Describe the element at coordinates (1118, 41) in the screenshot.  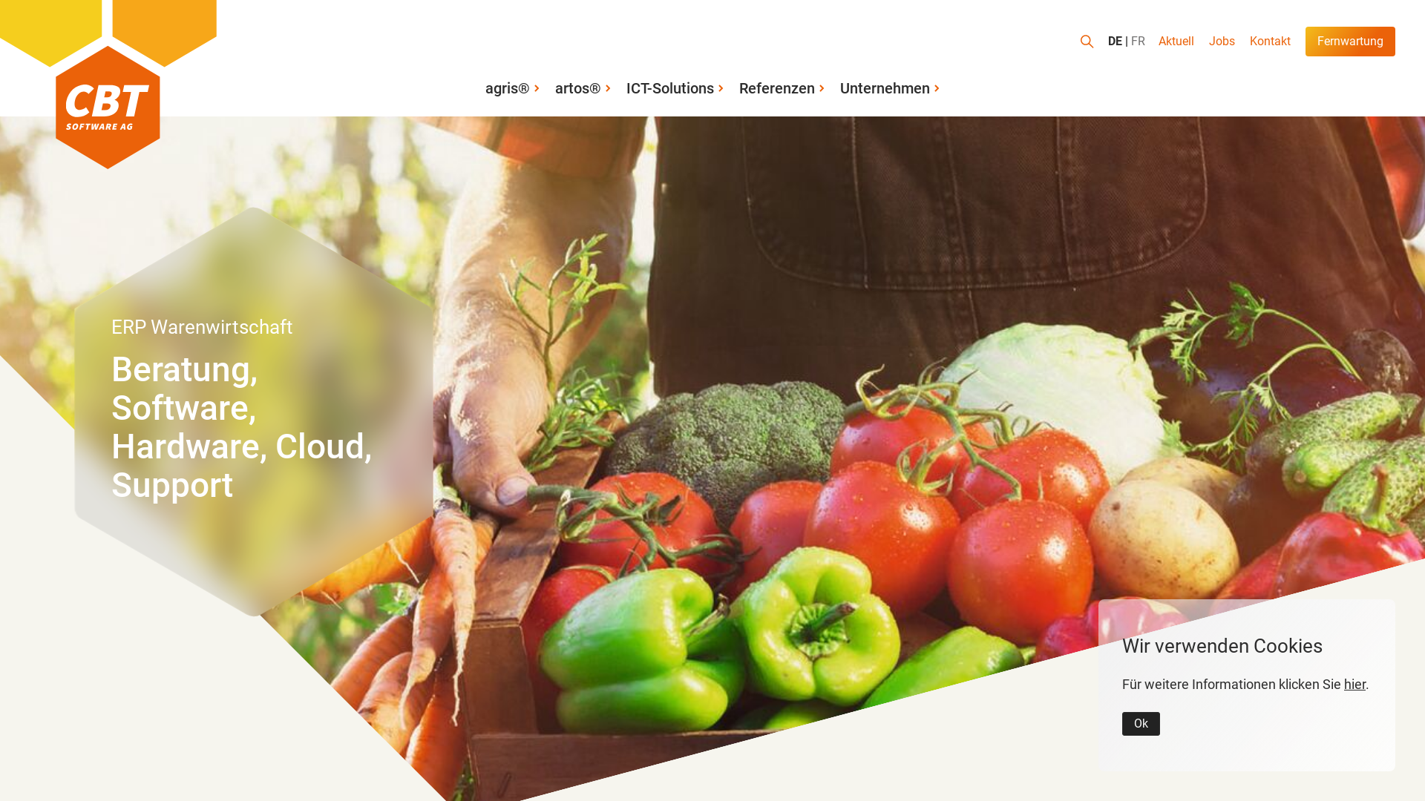
I see `'DE'` at that location.